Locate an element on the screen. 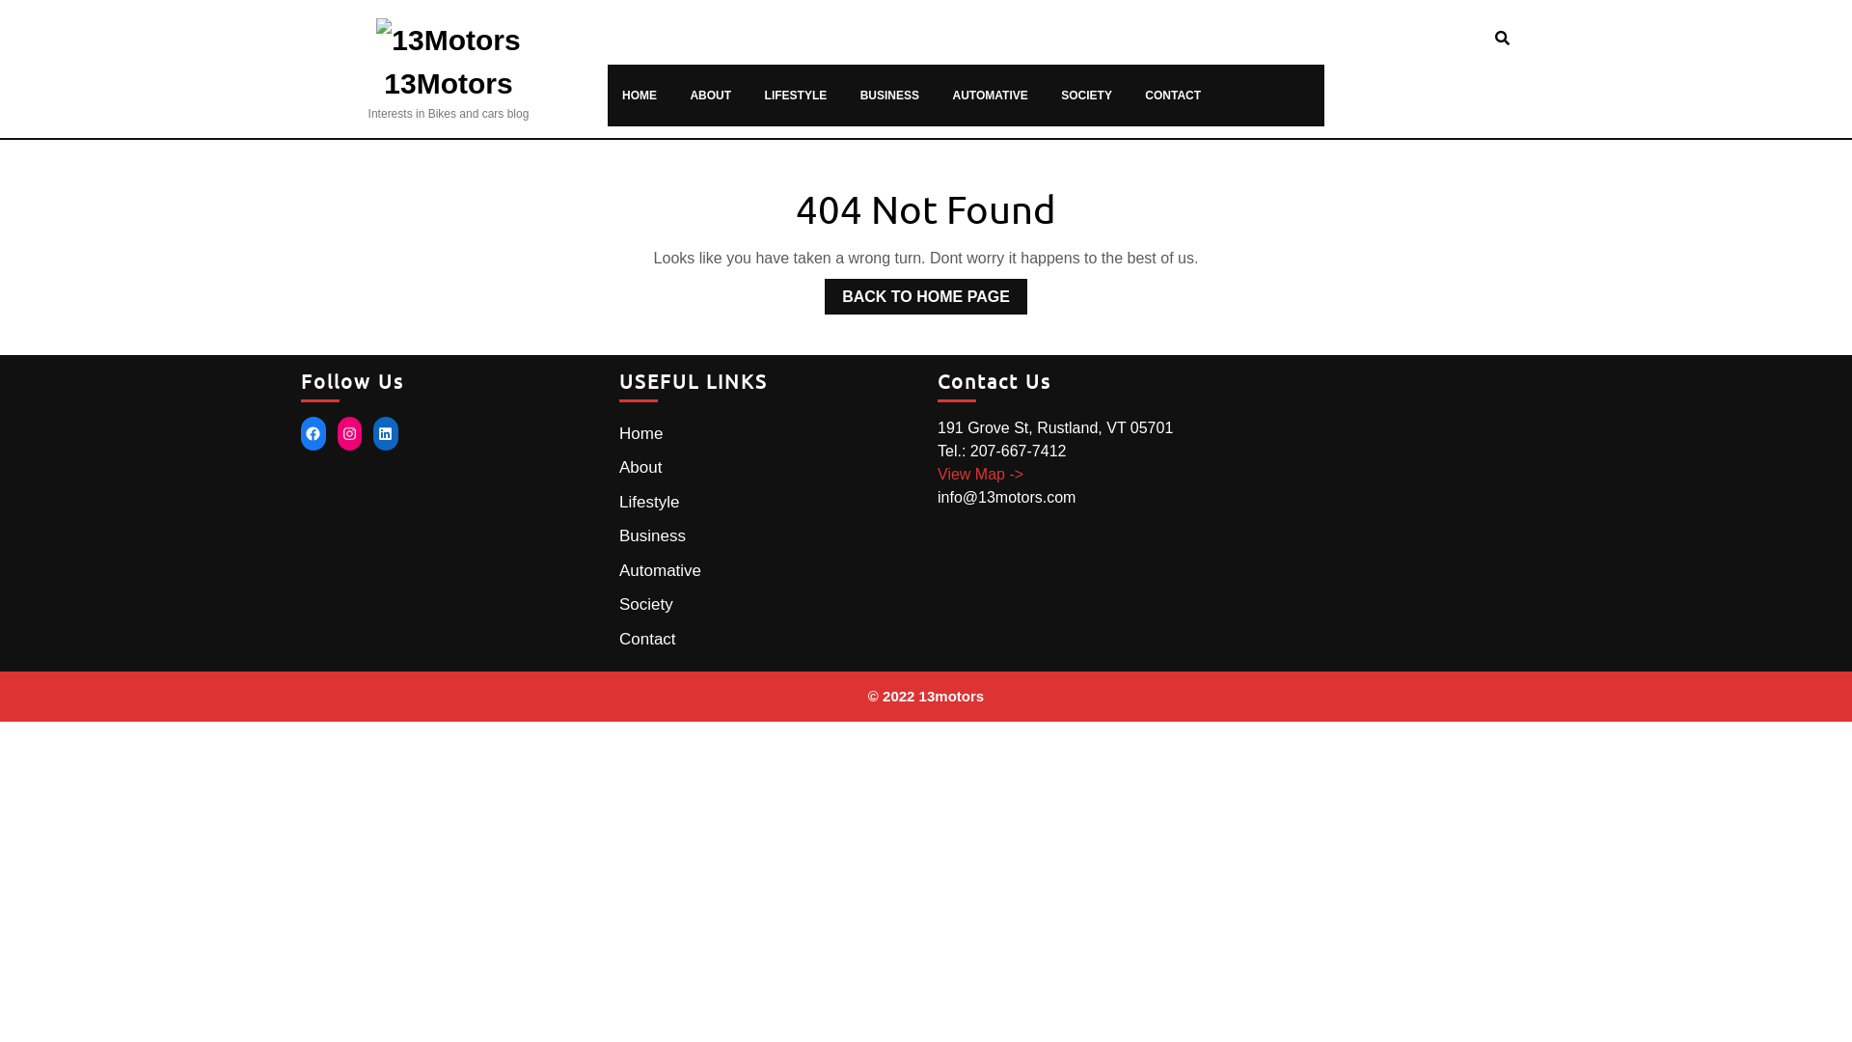 This screenshot has height=1042, width=1852. '13Motors' is located at coordinates (447, 82).